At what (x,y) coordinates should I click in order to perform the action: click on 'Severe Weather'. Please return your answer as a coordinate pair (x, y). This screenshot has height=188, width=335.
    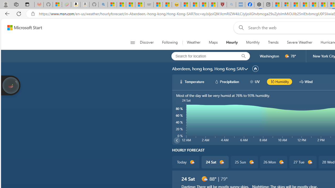
    Looking at the image, I should click on (299, 42).